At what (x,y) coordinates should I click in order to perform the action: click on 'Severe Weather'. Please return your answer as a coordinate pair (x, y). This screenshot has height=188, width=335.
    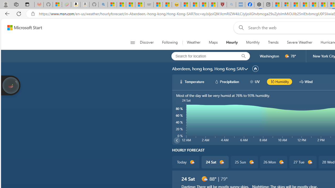
    Looking at the image, I should click on (299, 42).